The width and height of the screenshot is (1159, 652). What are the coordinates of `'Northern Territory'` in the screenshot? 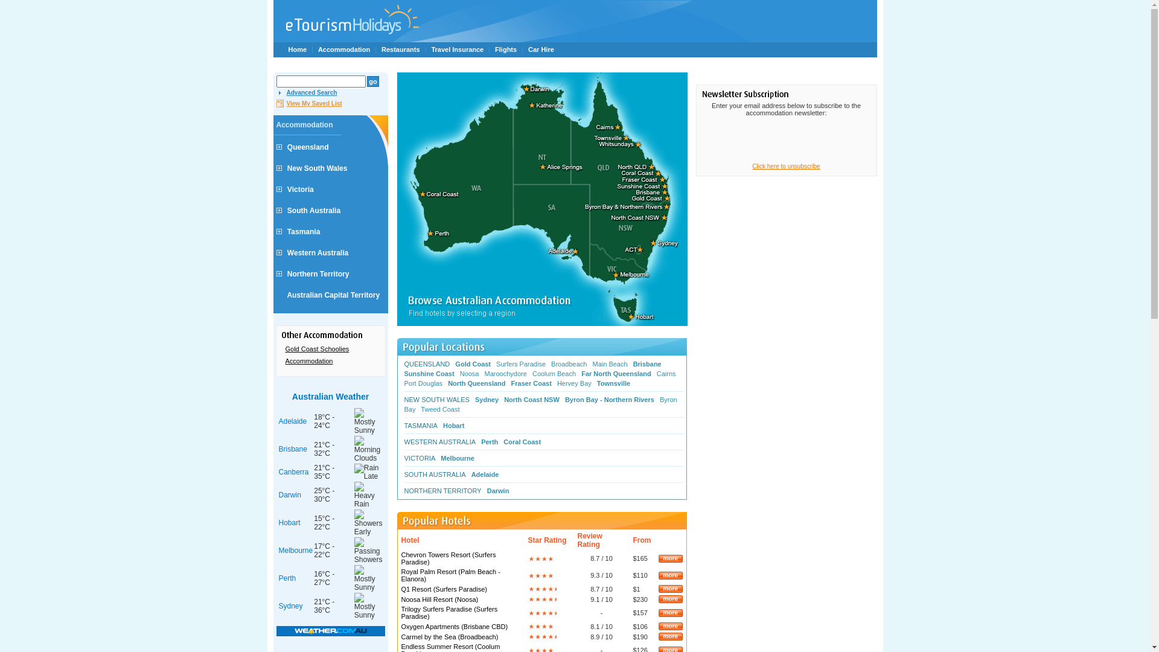 It's located at (318, 274).